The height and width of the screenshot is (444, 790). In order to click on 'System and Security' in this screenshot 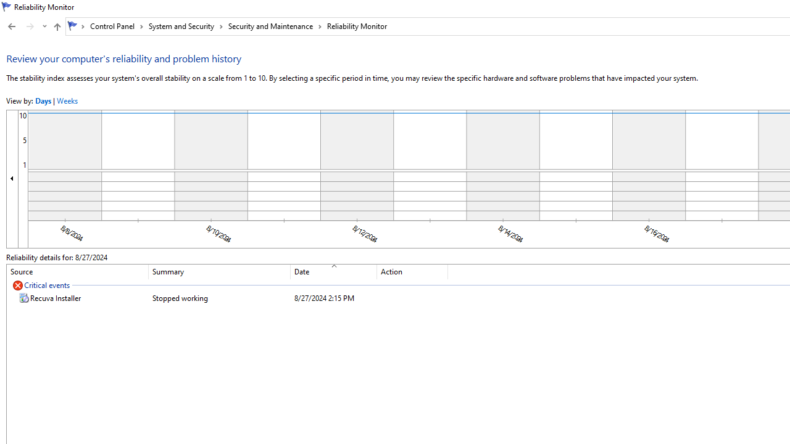, I will do `click(185, 26)`.